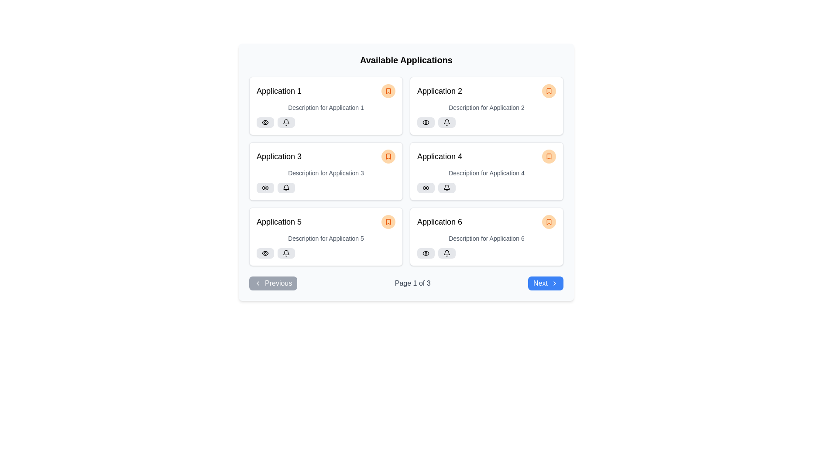  What do you see at coordinates (278, 91) in the screenshot?
I see `the text label that serves as the title for the 'Application 1' section, located in the top-left quadrant of the layout` at bounding box center [278, 91].